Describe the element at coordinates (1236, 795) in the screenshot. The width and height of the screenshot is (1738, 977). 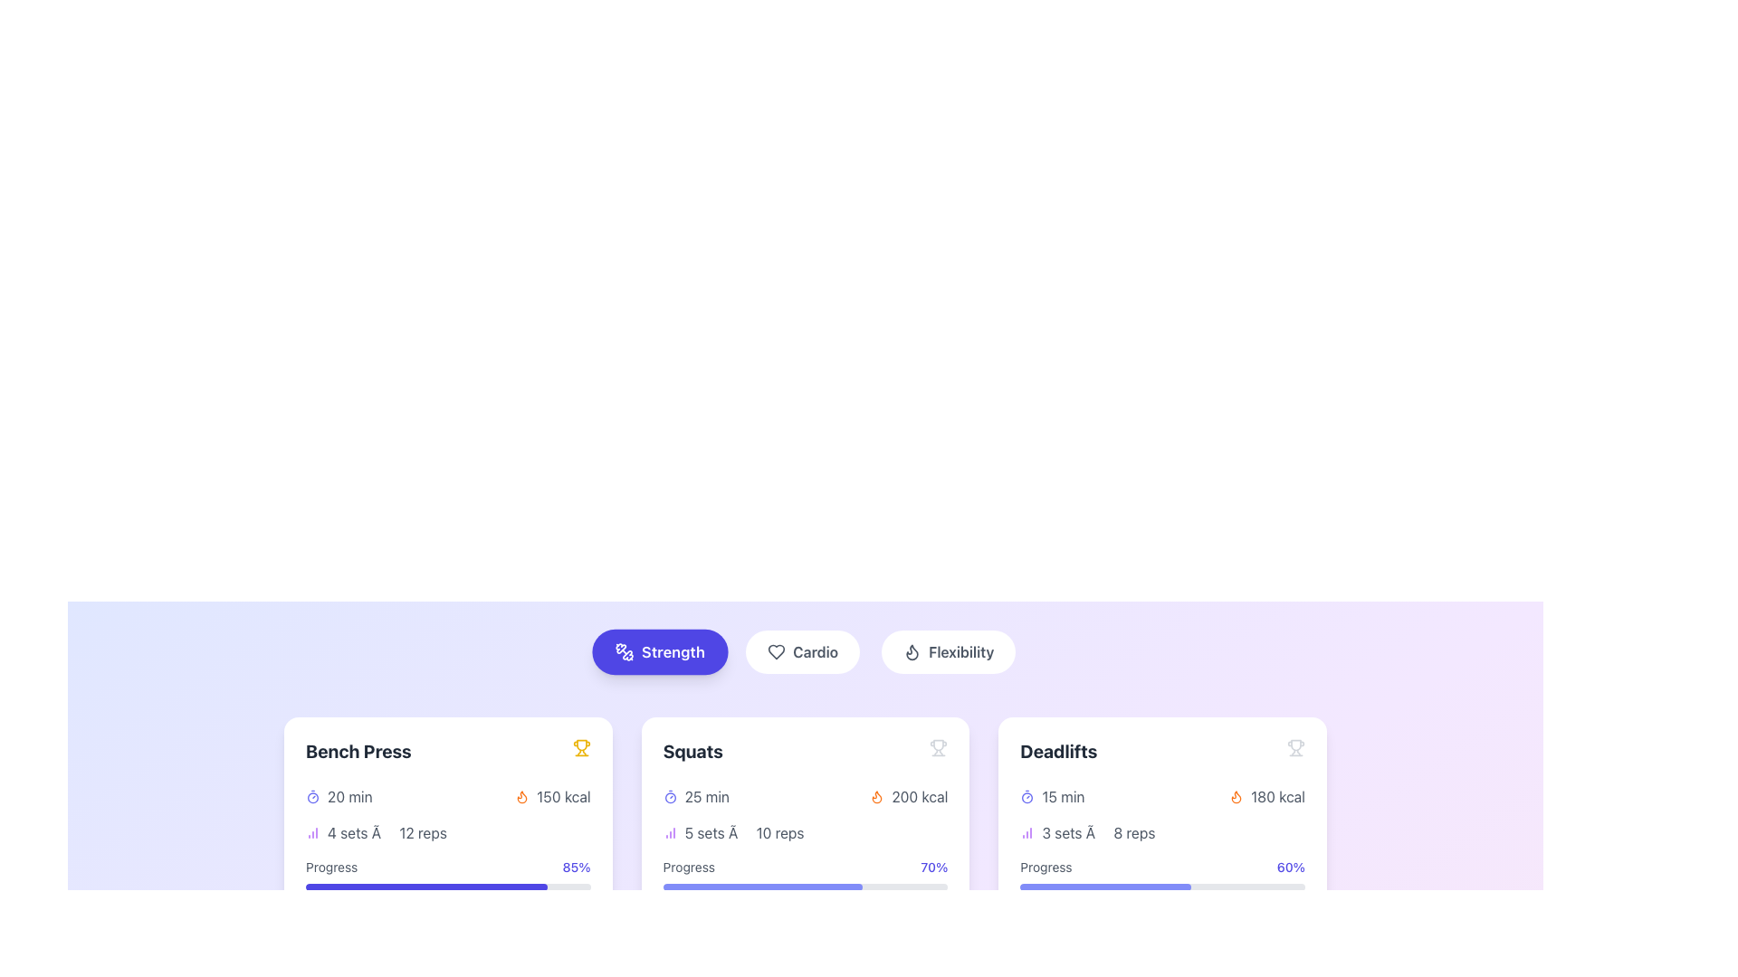
I see `the orange flame icon indicating calorie consumption located in the third card from the left, aligned with the '180 kcal' text` at that location.